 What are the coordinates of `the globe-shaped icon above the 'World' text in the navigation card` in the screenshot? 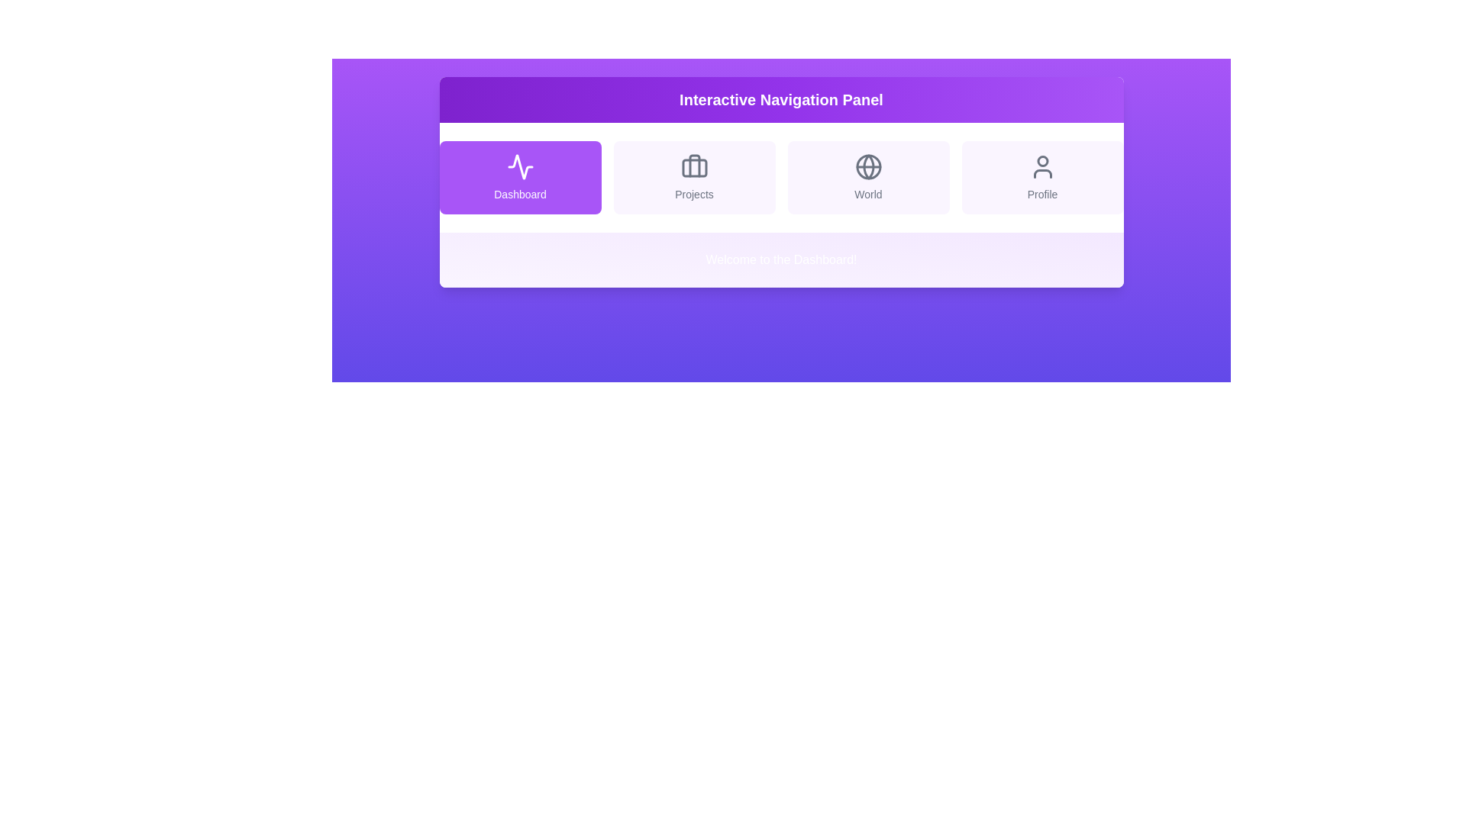 It's located at (868, 167).